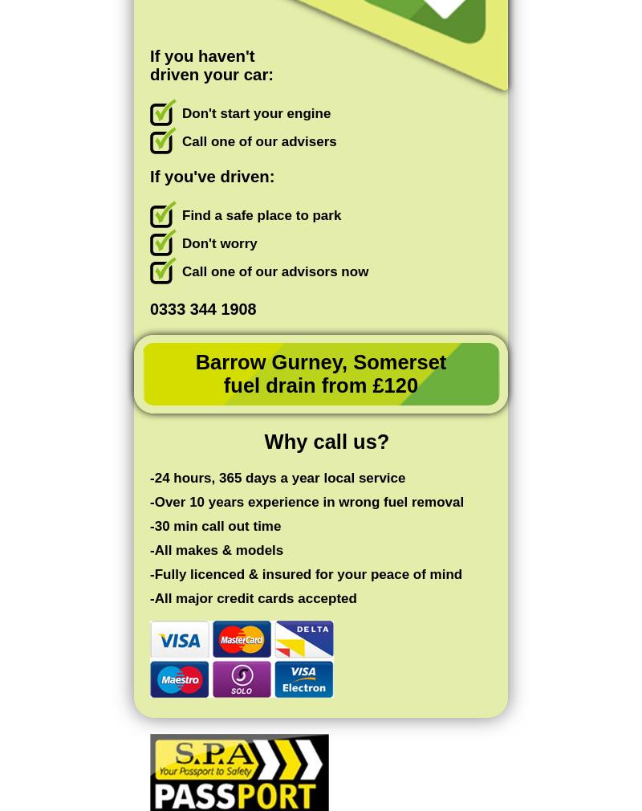 The image size is (642, 811). I want to click on 'If you've driven:', so click(211, 175).